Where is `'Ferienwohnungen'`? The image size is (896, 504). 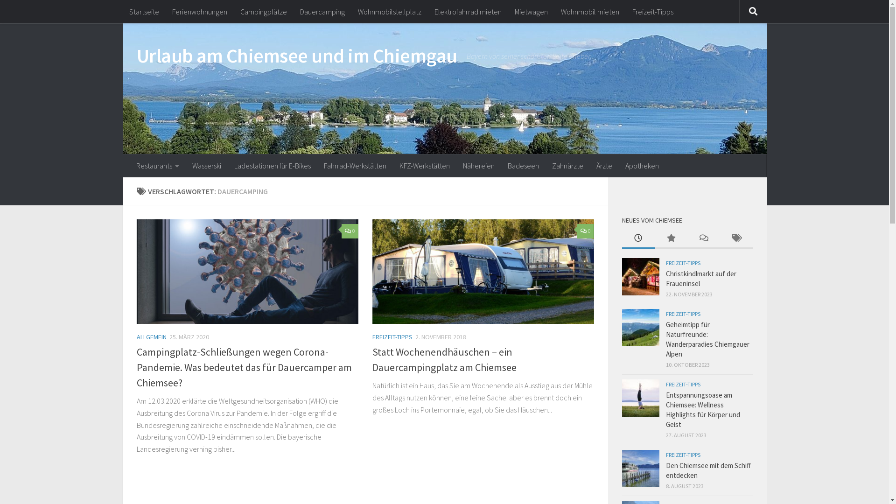 'Ferienwohnungen' is located at coordinates (165, 11).